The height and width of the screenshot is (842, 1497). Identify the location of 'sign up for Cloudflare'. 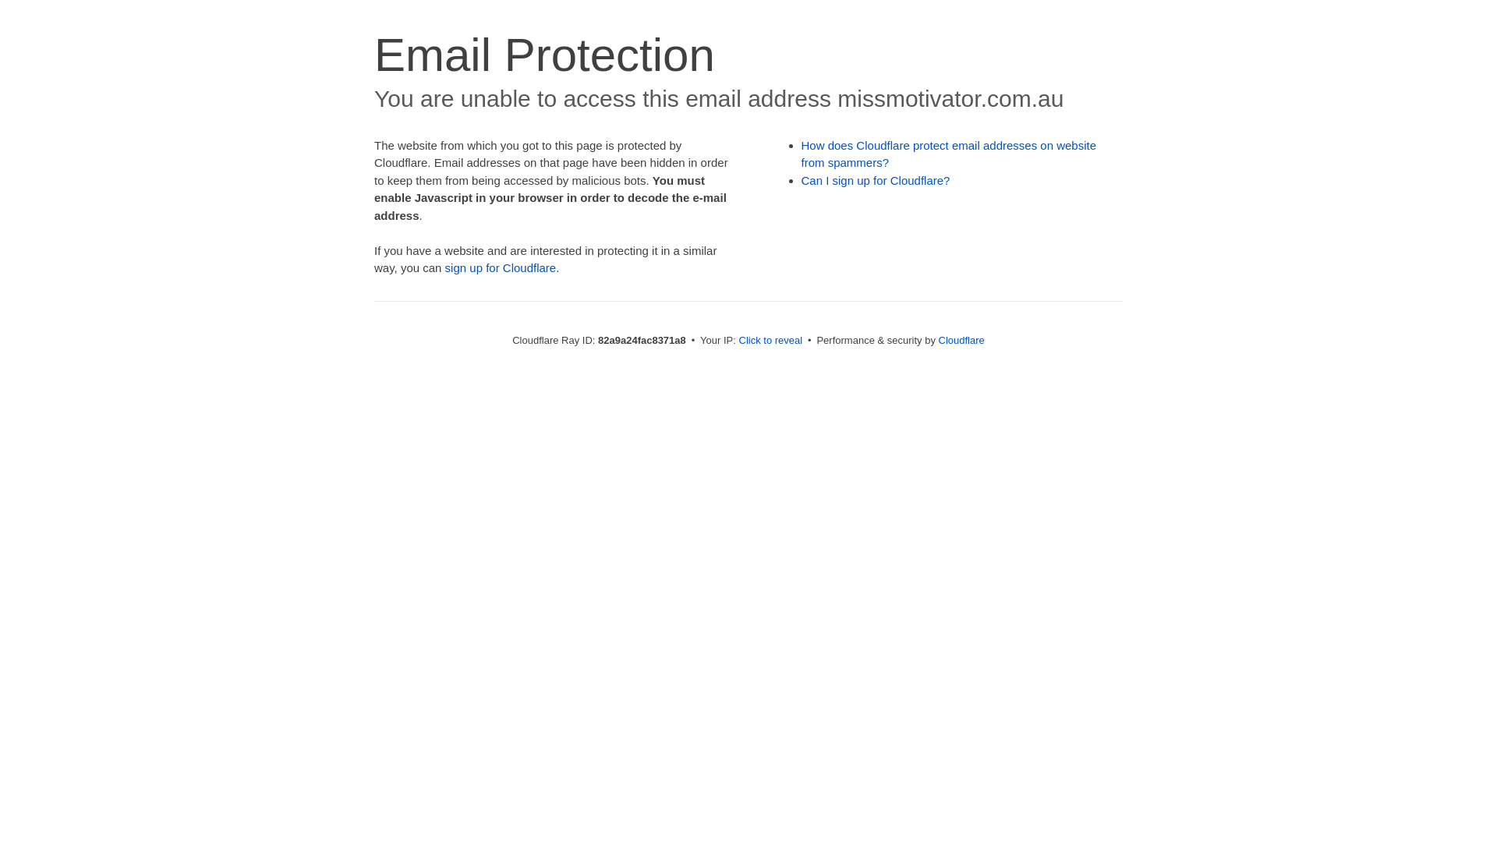
(501, 267).